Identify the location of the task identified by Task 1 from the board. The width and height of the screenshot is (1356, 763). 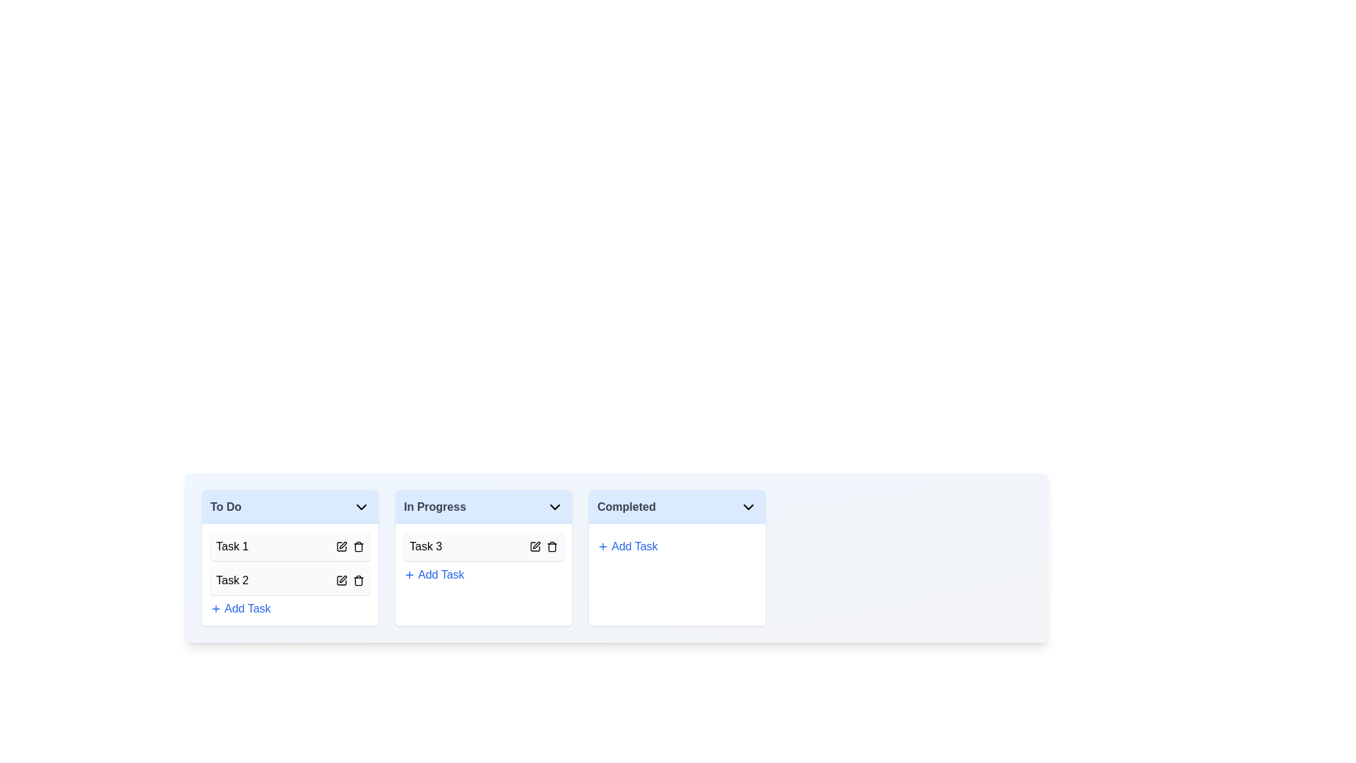
(359, 546).